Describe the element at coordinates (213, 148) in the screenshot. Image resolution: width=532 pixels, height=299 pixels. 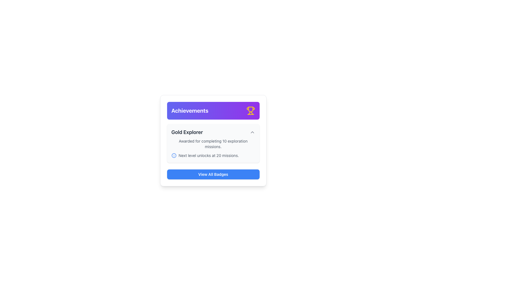
I see `informational text block that states 'Awarded for completing 10 exploration missions.' and 'Next level unlocks at 20 missions.' below the blue information icon within the 'Gold Explorer' card` at that location.